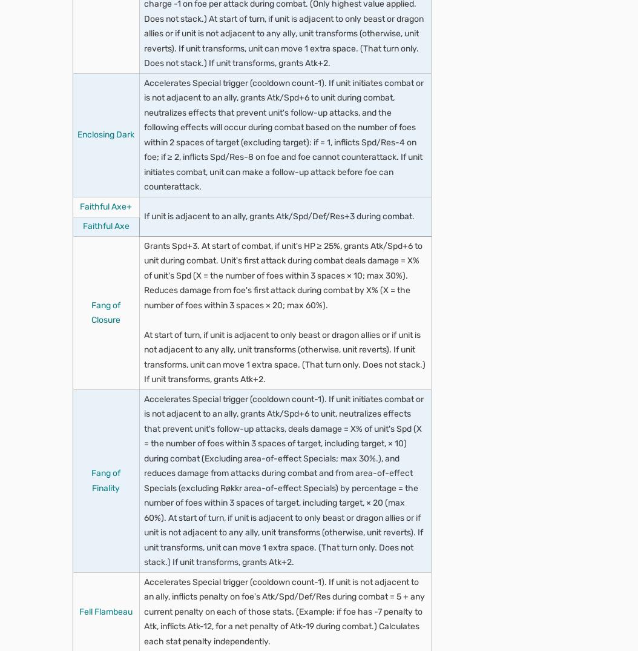  What do you see at coordinates (163, 624) in the screenshot?
I see `'Weapons'` at bounding box center [163, 624].